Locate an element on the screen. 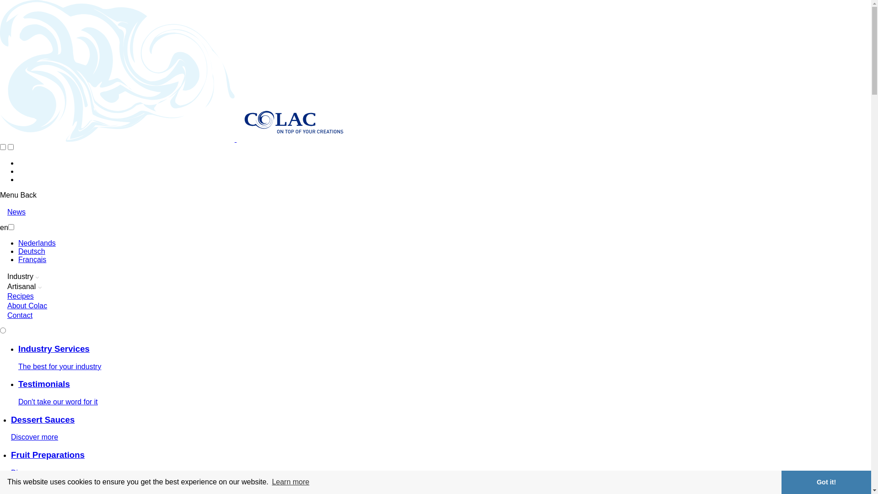  'Fruit Preparations is located at coordinates (441, 463).